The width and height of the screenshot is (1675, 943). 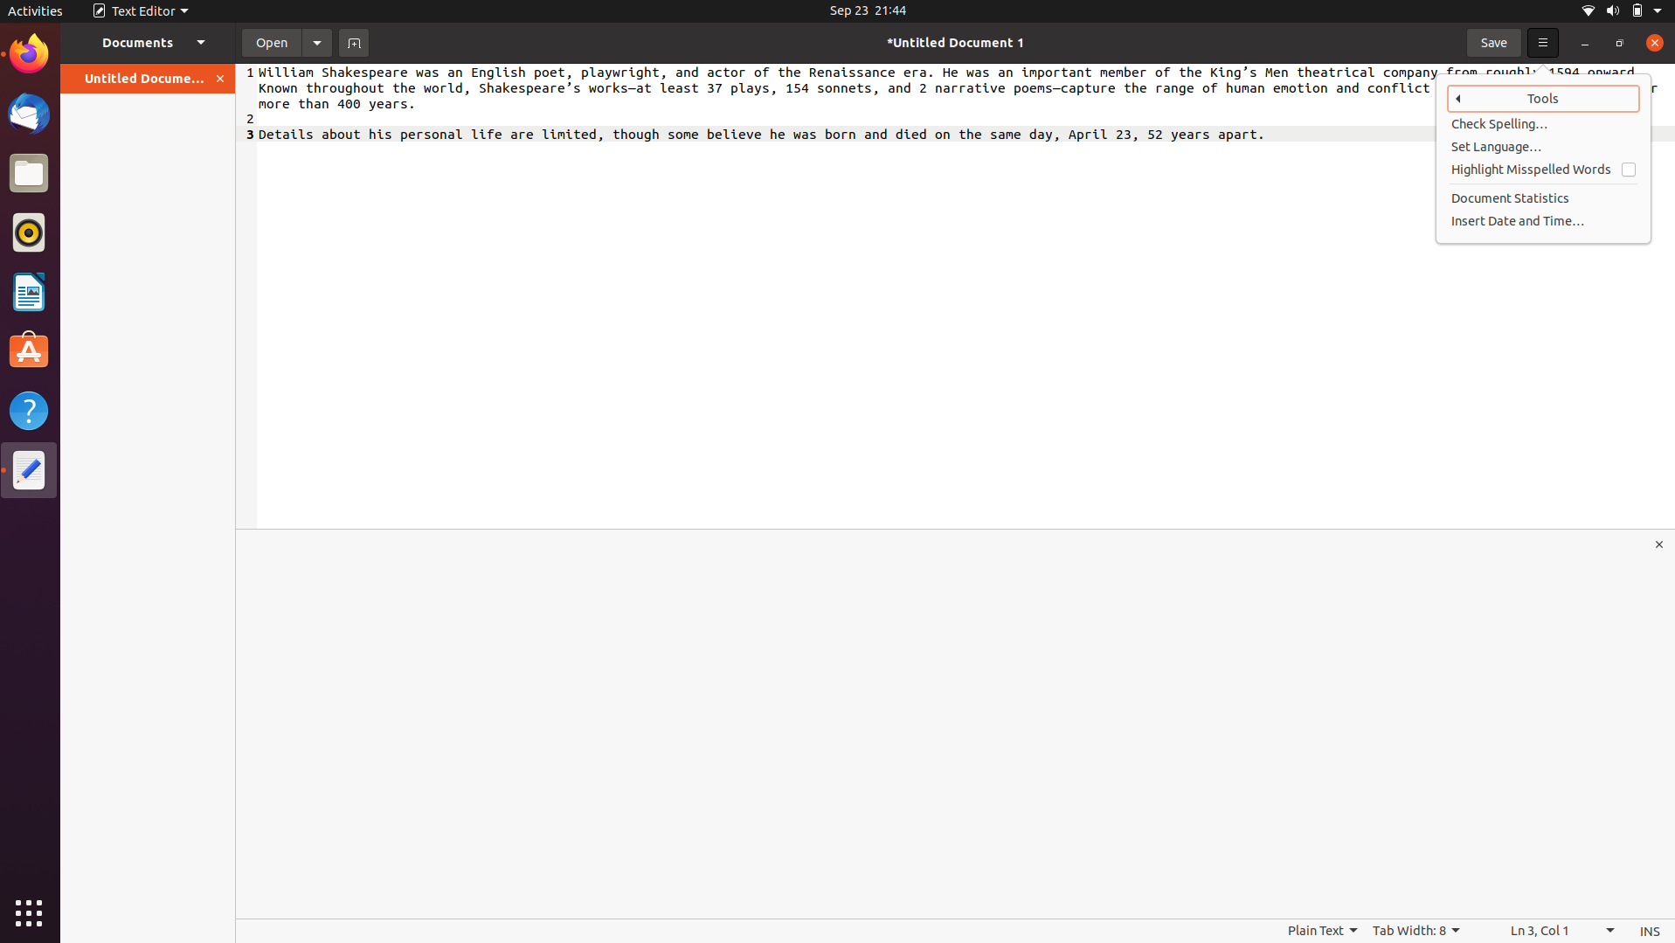 What do you see at coordinates (1544, 219) in the screenshot?
I see `Inject today"s date and the current time` at bounding box center [1544, 219].